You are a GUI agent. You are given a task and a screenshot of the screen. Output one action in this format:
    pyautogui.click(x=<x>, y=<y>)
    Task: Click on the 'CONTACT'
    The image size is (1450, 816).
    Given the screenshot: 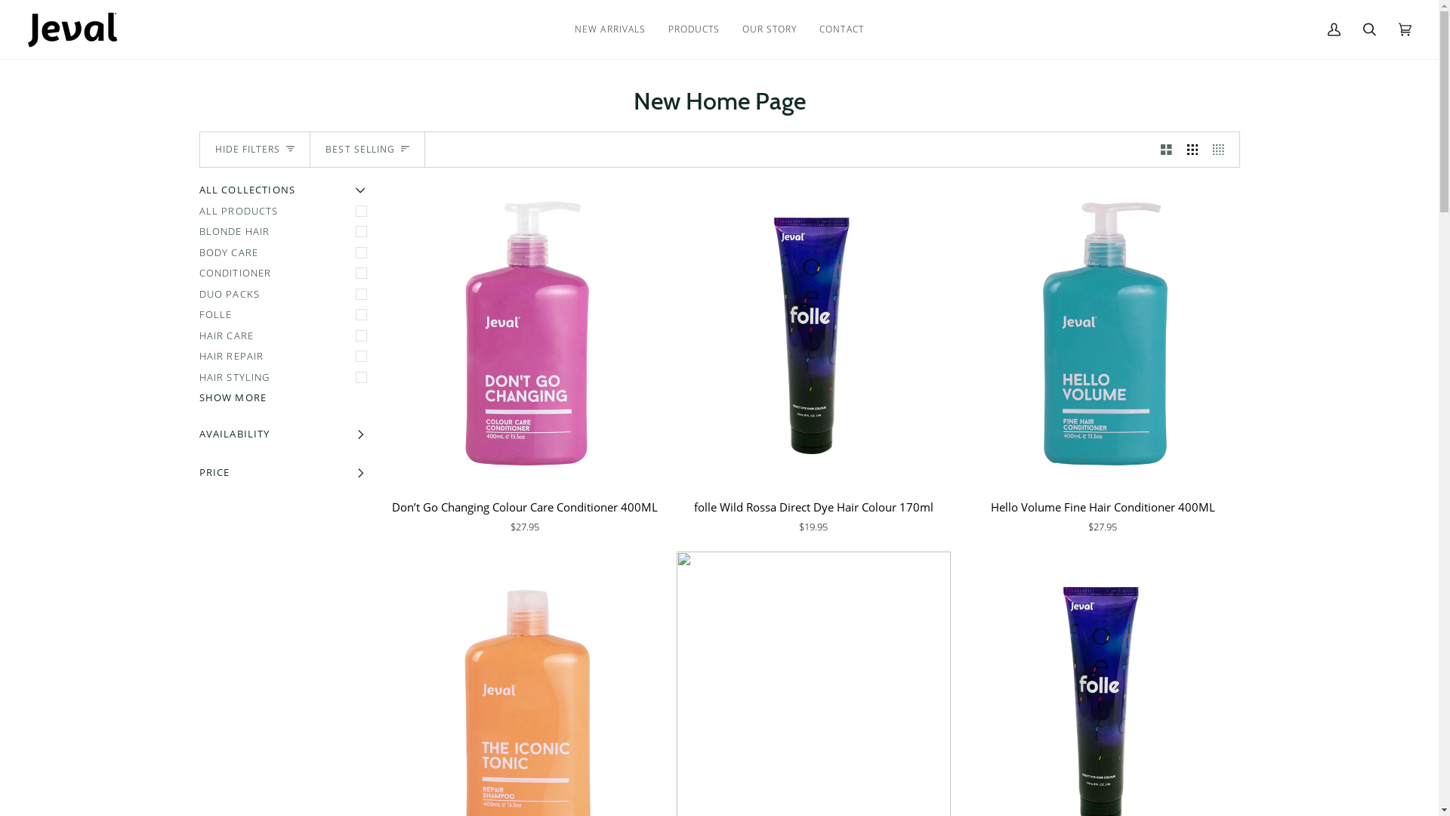 What is the action you would take?
    pyautogui.click(x=840, y=29)
    